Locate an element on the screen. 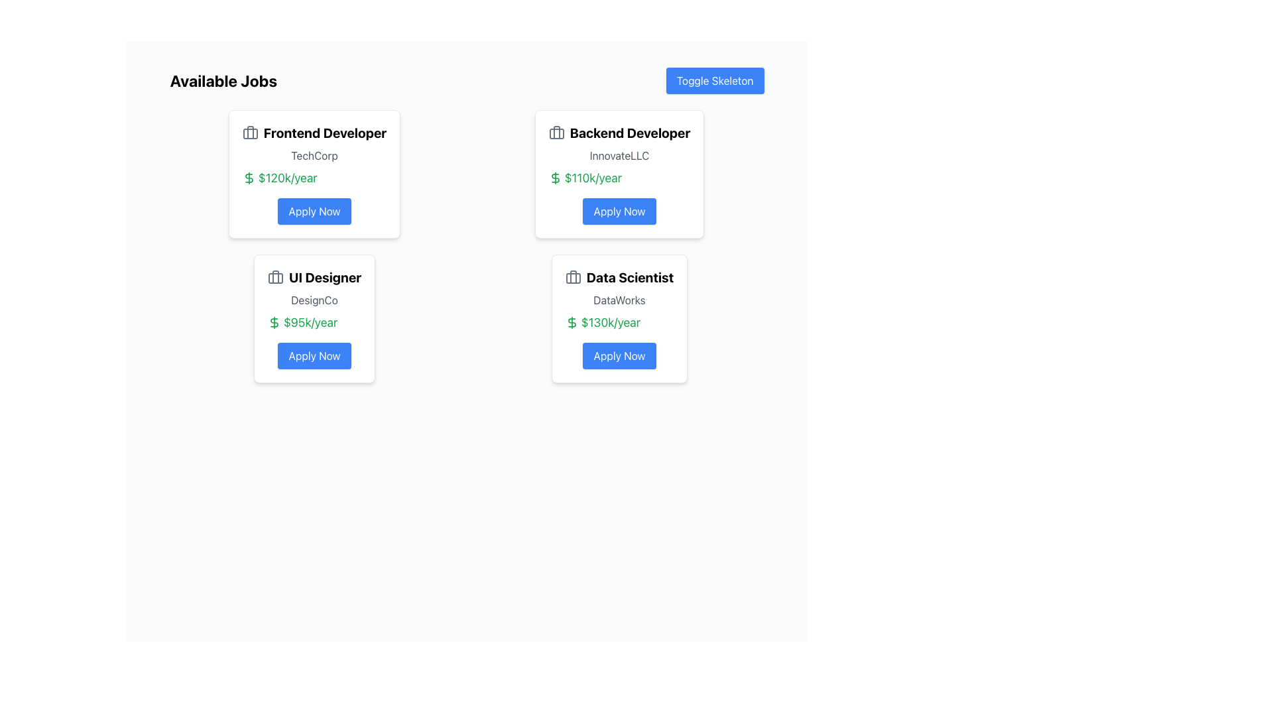 Image resolution: width=1273 pixels, height=716 pixels. the 'Apply Now' button located at the bottom-right corner of the job listing card for the 'Data Scientist' position from 'DataWorks' is located at coordinates (619, 355).